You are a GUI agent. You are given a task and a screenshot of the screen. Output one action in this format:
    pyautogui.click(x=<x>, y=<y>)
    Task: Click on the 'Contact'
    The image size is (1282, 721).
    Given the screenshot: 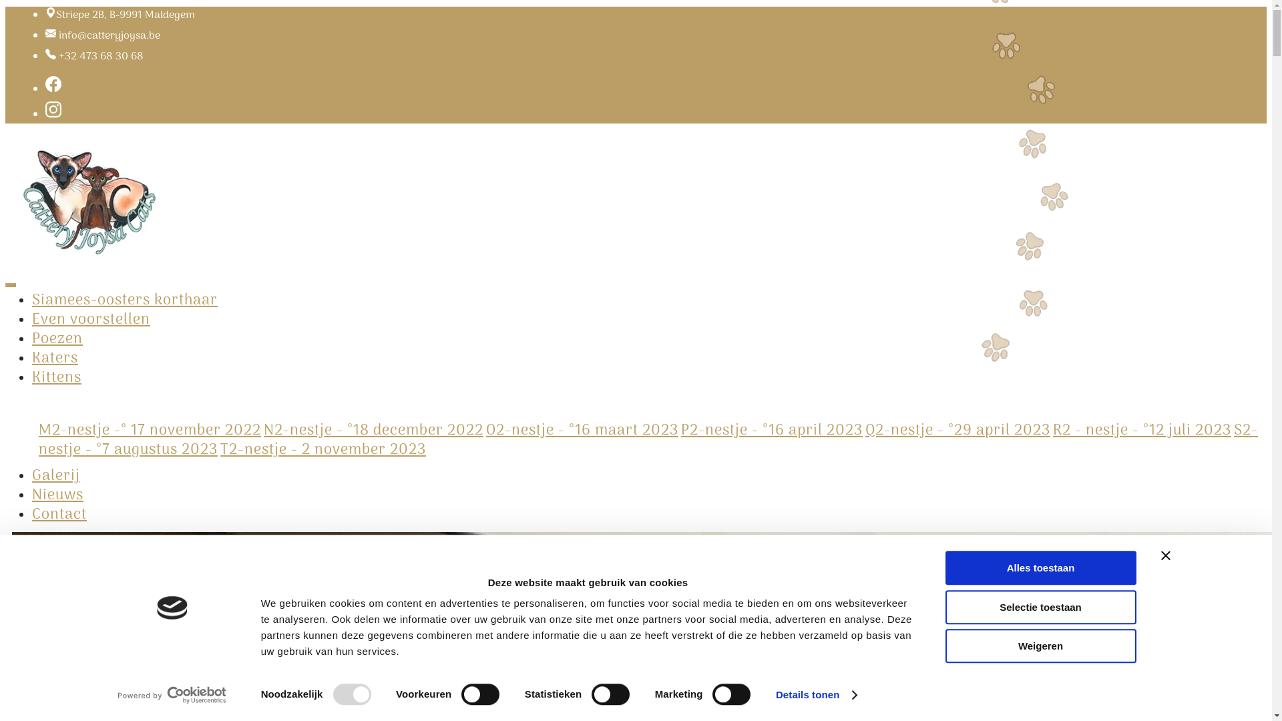 What is the action you would take?
    pyautogui.click(x=59, y=514)
    